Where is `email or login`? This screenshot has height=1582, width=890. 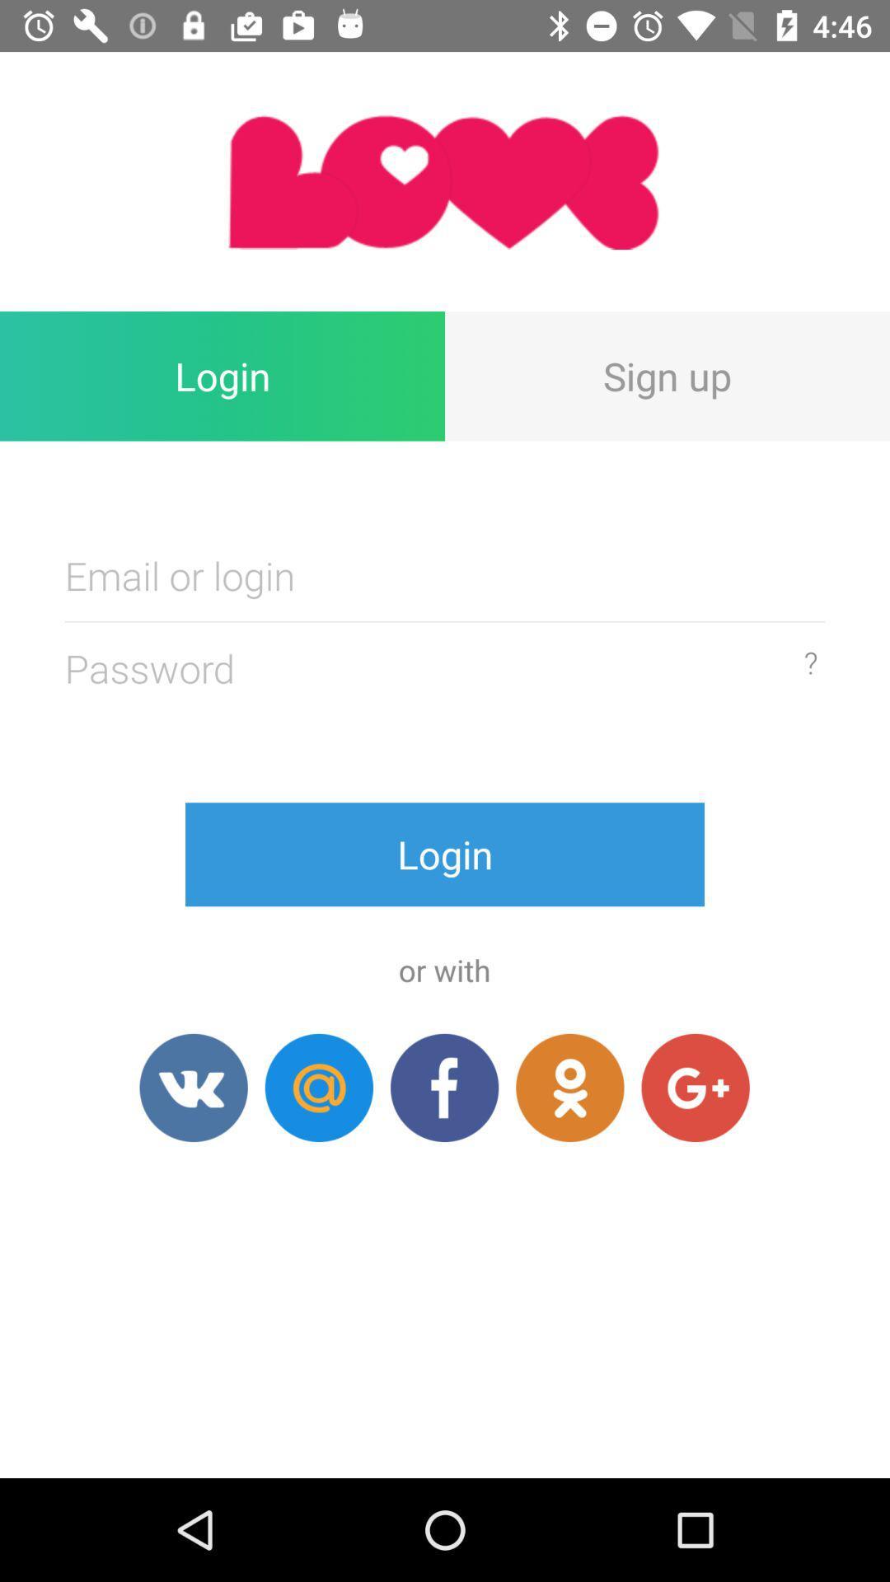 email or login is located at coordinates (445, 575).